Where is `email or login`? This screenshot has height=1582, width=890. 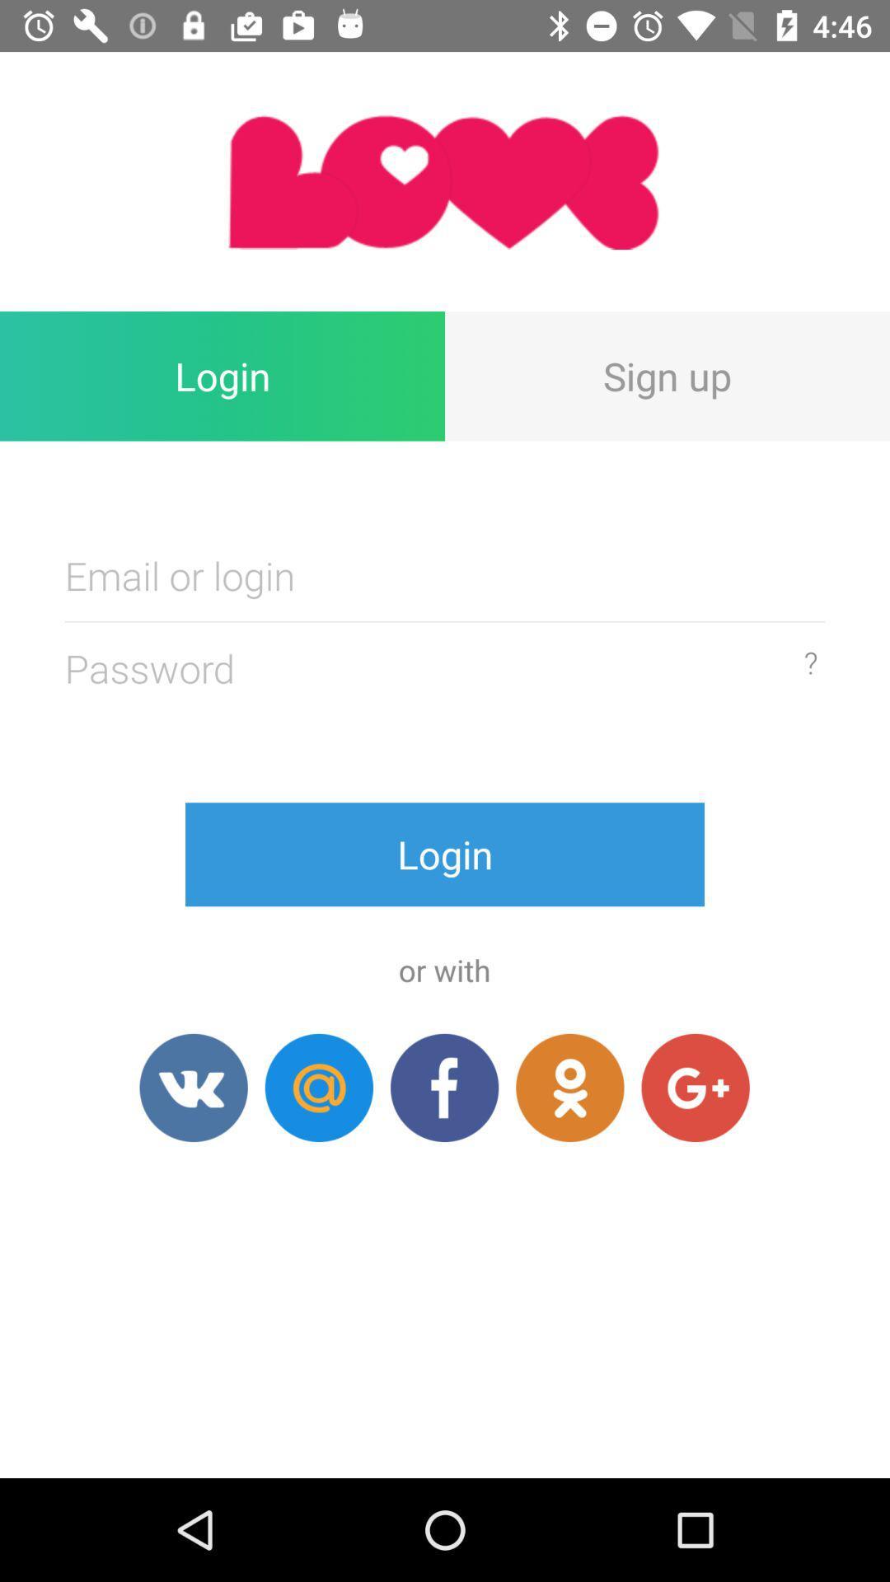 email or login is located at coordinates (445, 575).